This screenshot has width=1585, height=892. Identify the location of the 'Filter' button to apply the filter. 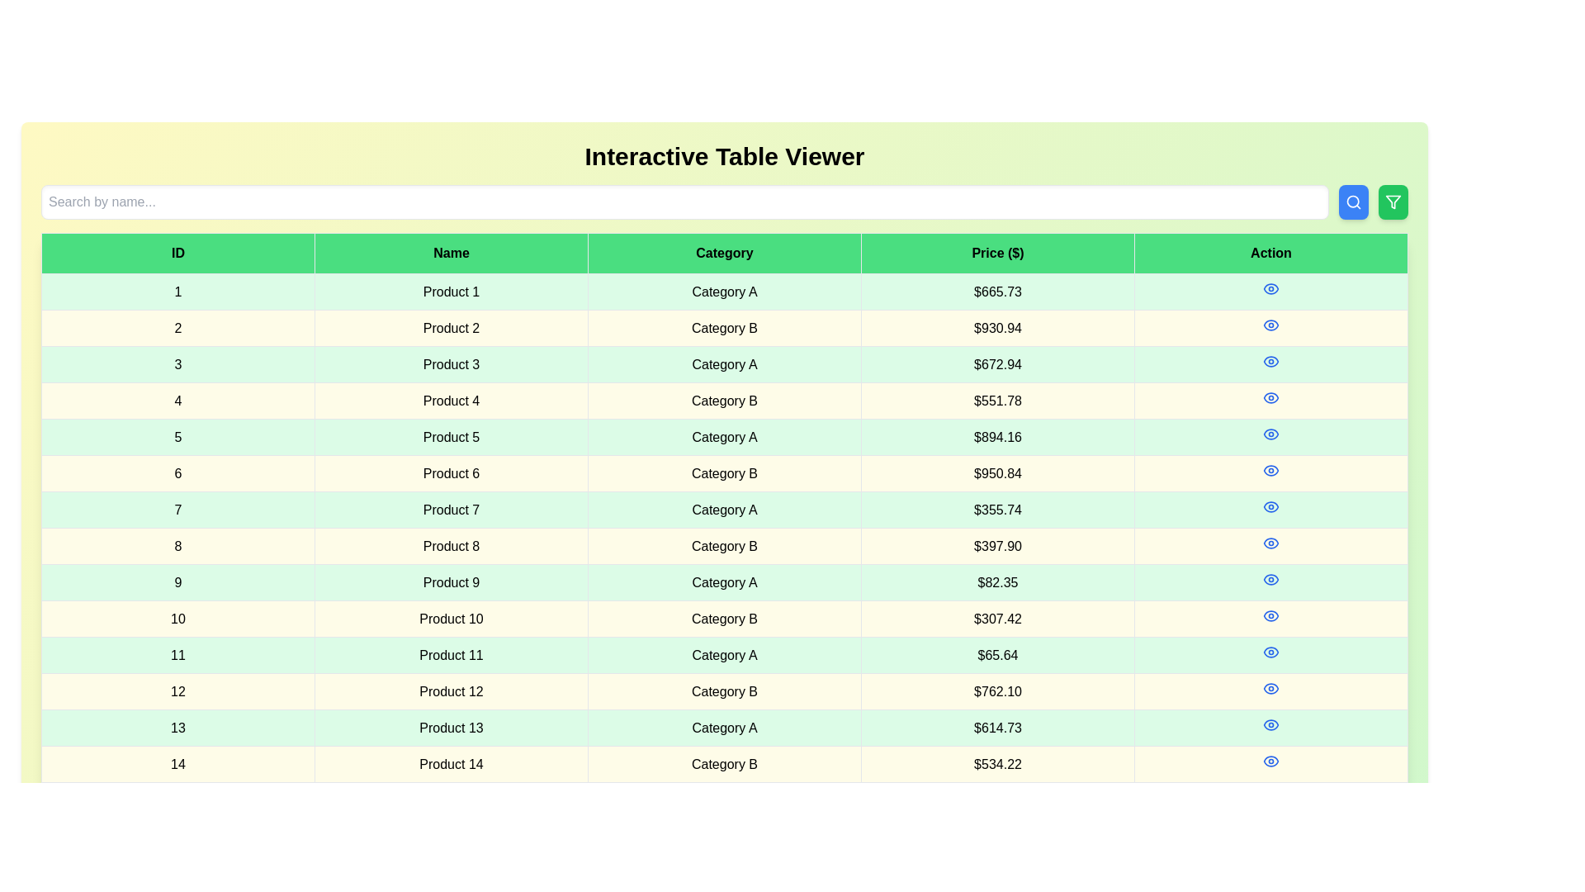
(1393, 202).